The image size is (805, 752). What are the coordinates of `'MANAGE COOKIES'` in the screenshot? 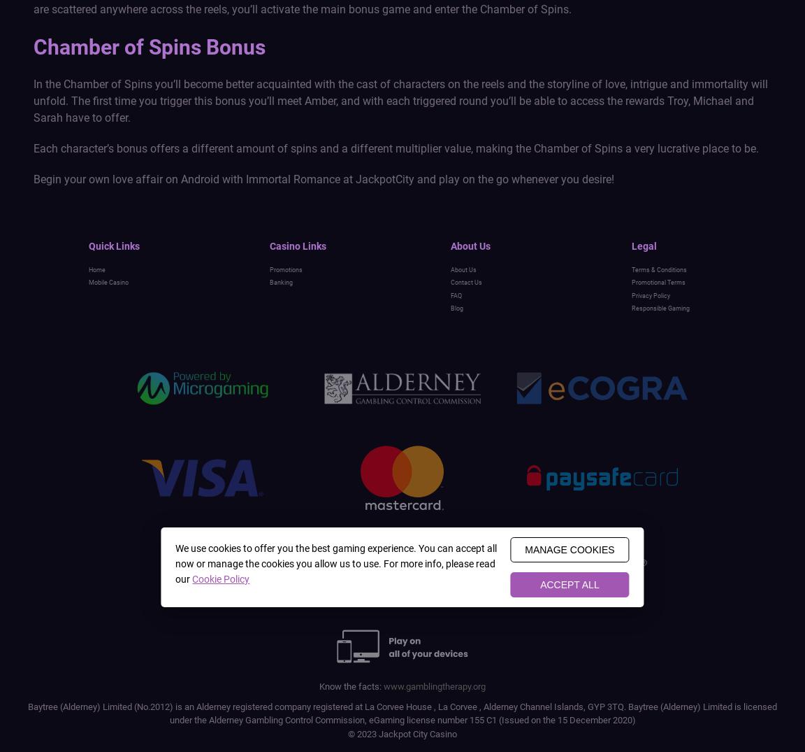 It's located at (524, 549).